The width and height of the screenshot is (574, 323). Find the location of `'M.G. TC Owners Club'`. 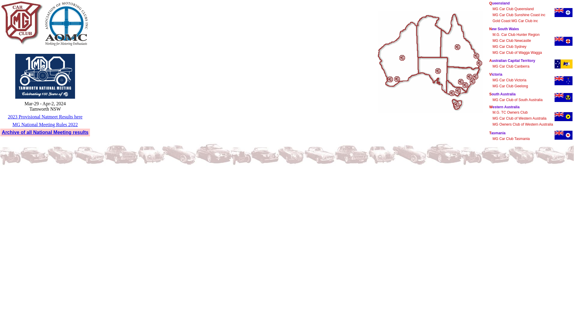

'M.G. TC Owners Club' is located at coordinates (509, 112).